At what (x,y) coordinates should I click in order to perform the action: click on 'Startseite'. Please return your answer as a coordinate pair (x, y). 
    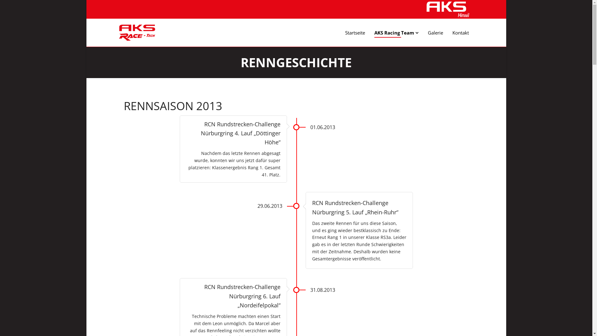
    Looking at the image, I should click on (340, 32).